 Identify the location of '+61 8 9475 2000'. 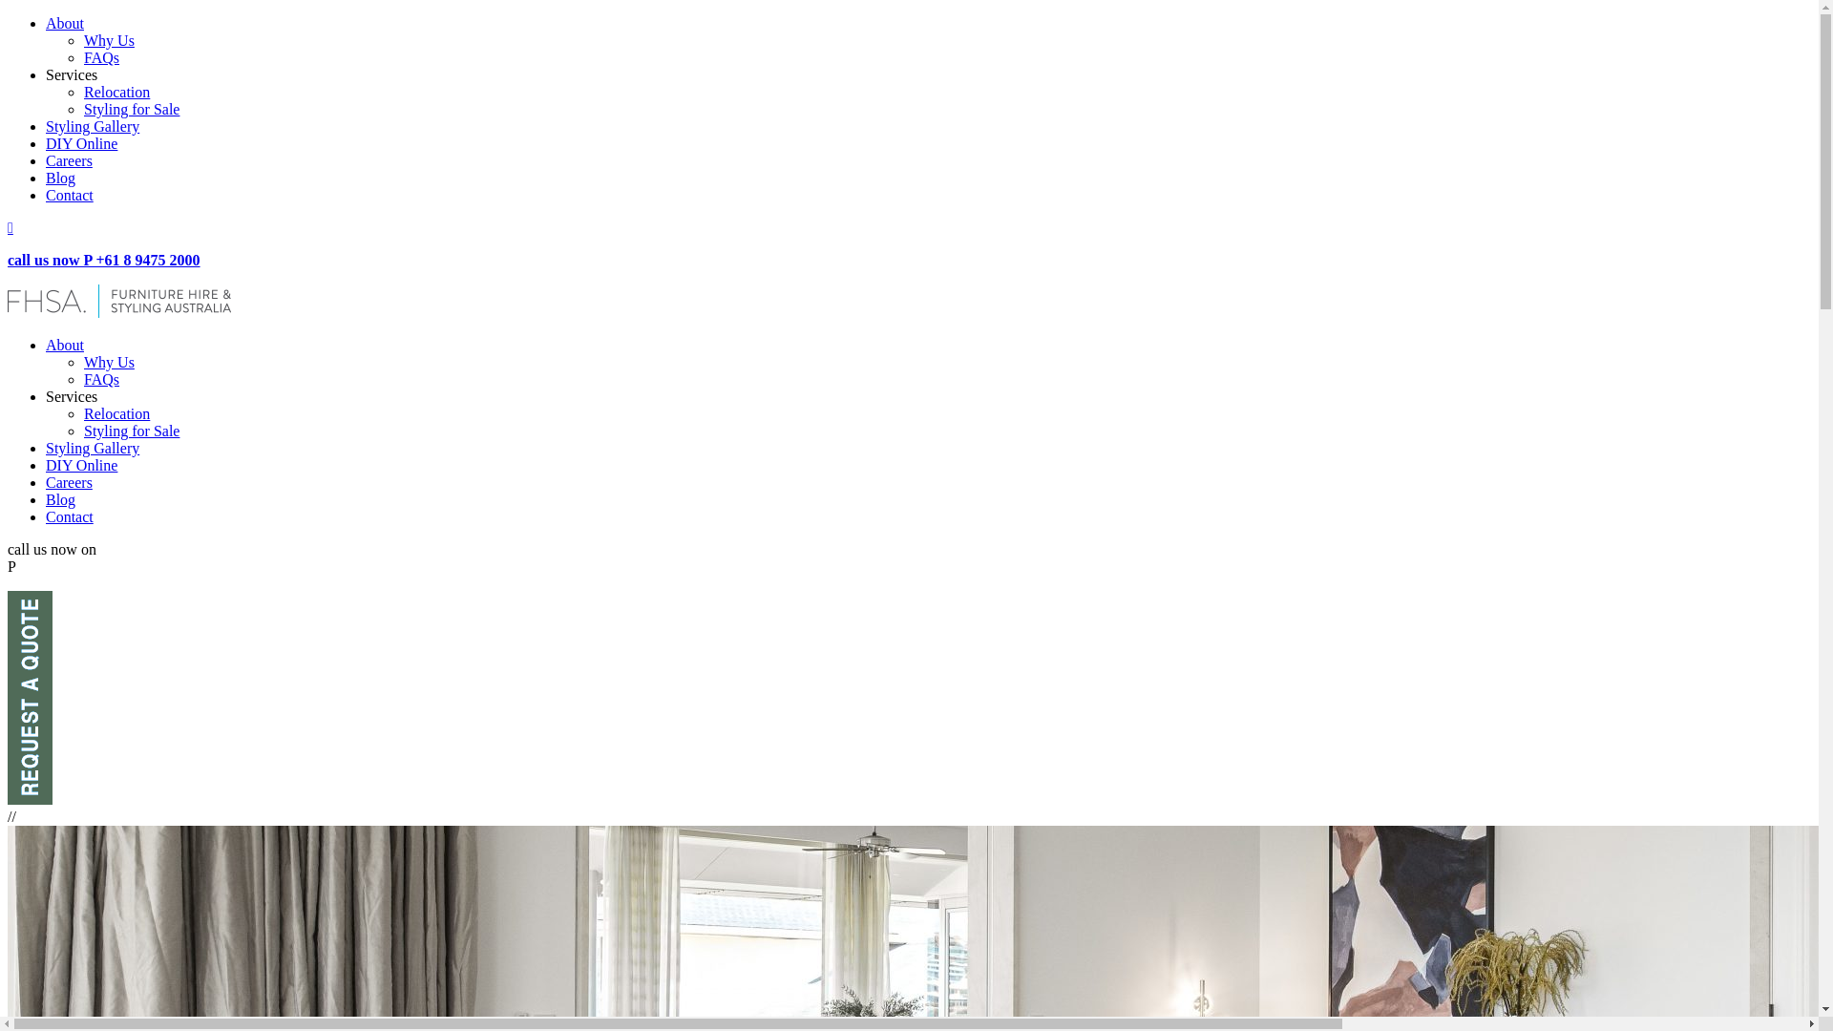
(71, 565).